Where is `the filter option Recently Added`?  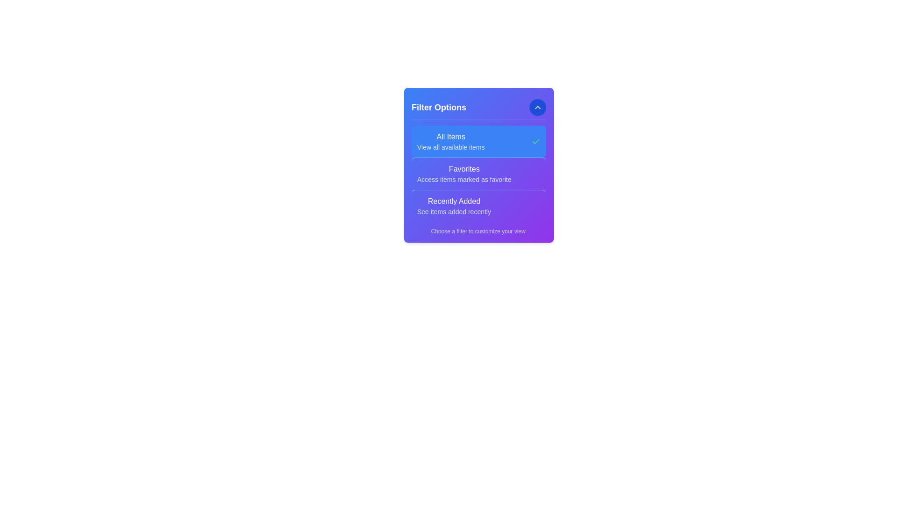
the filter option Recently Added is located at coordinates (454, 205).